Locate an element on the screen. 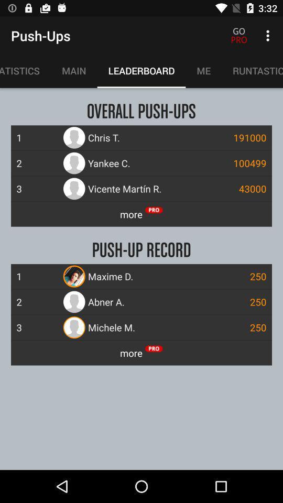 The width and height of the screenshot is (283, 503). the item next to main is located at coordinates (25, 70).